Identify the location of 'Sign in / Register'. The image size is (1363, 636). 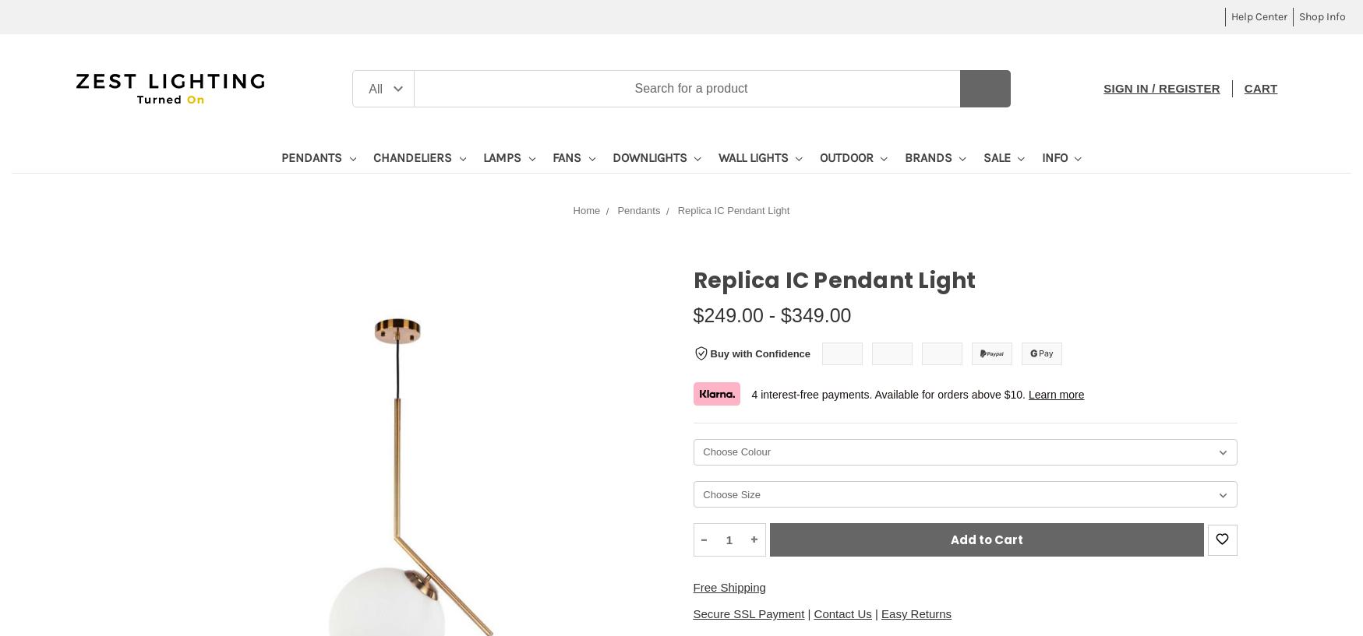
(1103, 87).